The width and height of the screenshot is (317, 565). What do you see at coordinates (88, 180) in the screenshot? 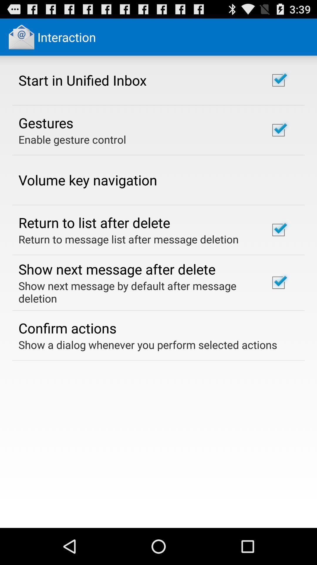
I see `volume key navigation app` at bounding box center [88, 180].